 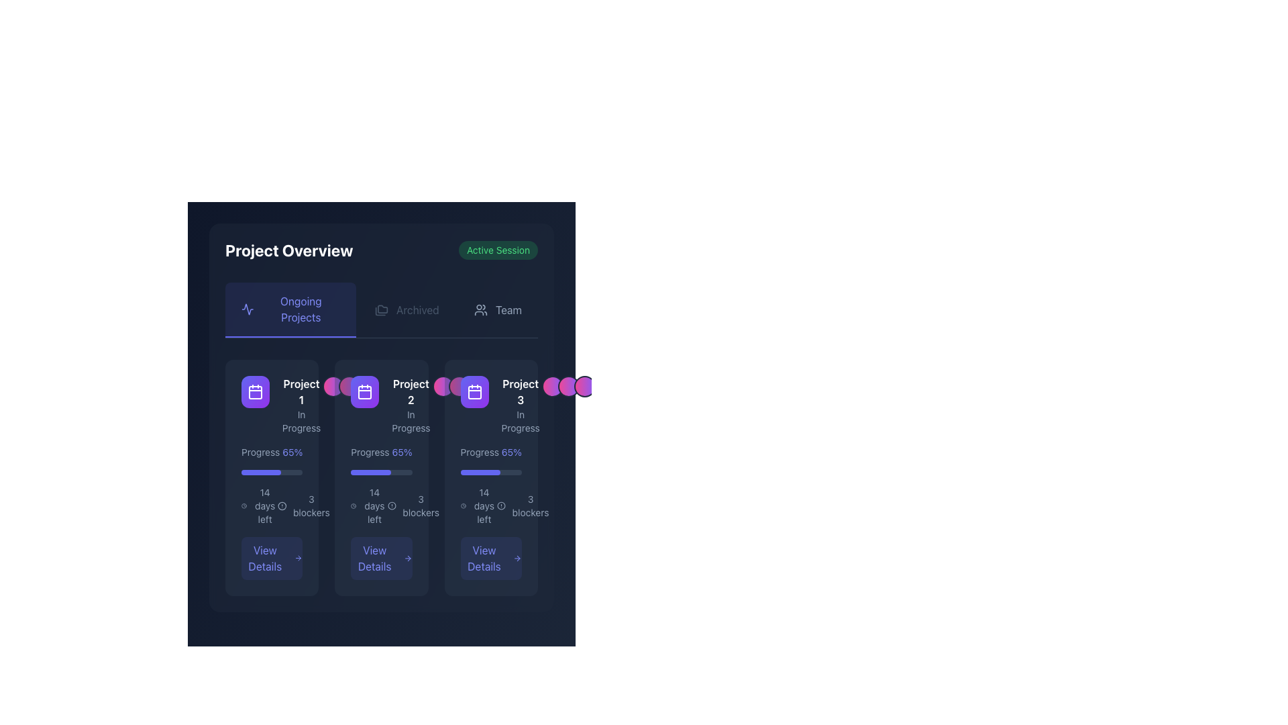 I want to click on the 'Progress' and '65%' static text label, which is part of a card in a grid layout, located above a horizontal progress bar, so click(x=271, y=452).